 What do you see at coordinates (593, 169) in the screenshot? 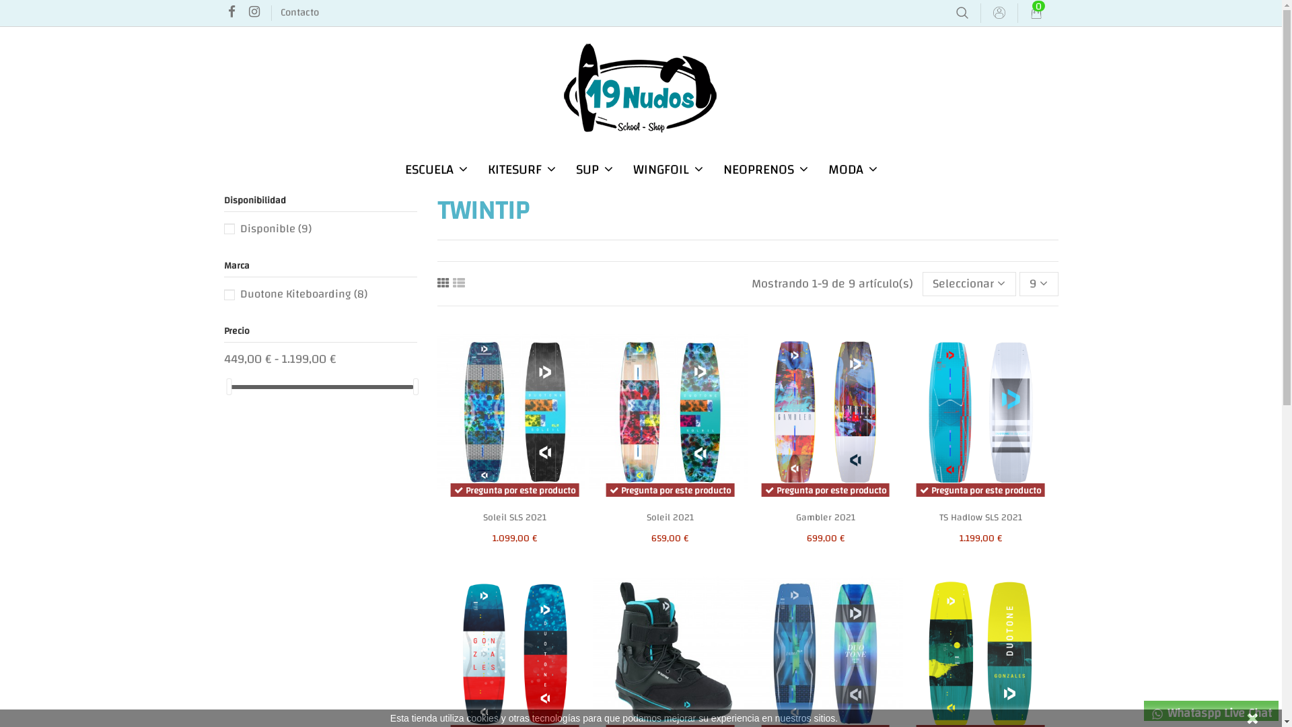
I see `'SUP'` at bounding box center [593, 169].